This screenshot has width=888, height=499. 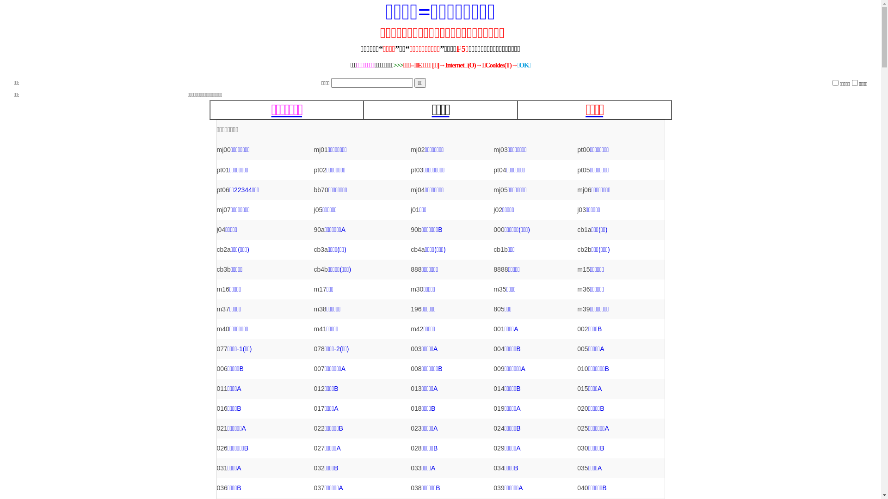 I want to click on '029', so click(x=498, y=447).